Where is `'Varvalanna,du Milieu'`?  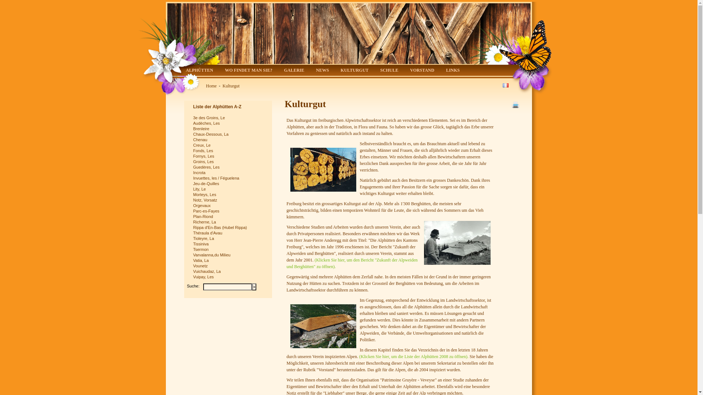
'Varvalanna,du Milieu' is located at coordinates (228, 255).